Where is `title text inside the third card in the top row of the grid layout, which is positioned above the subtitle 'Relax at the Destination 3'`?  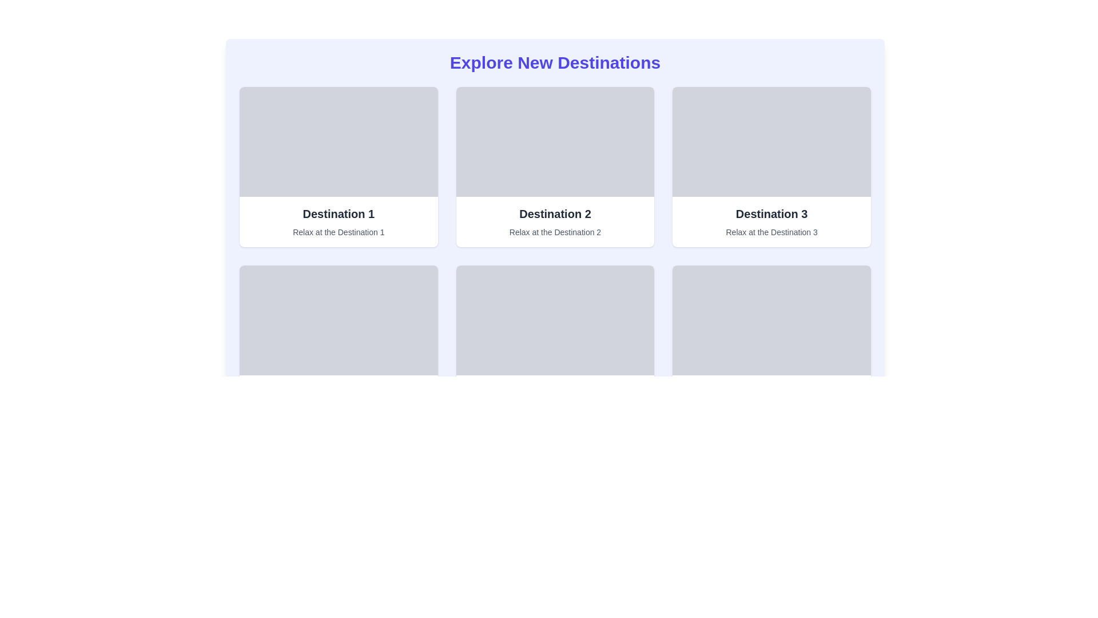 title text inside the third card in the top row of the grid layout, which is positioned above the subtitle 'Relax at the Destination 3' is located at coordinates (771, 214).